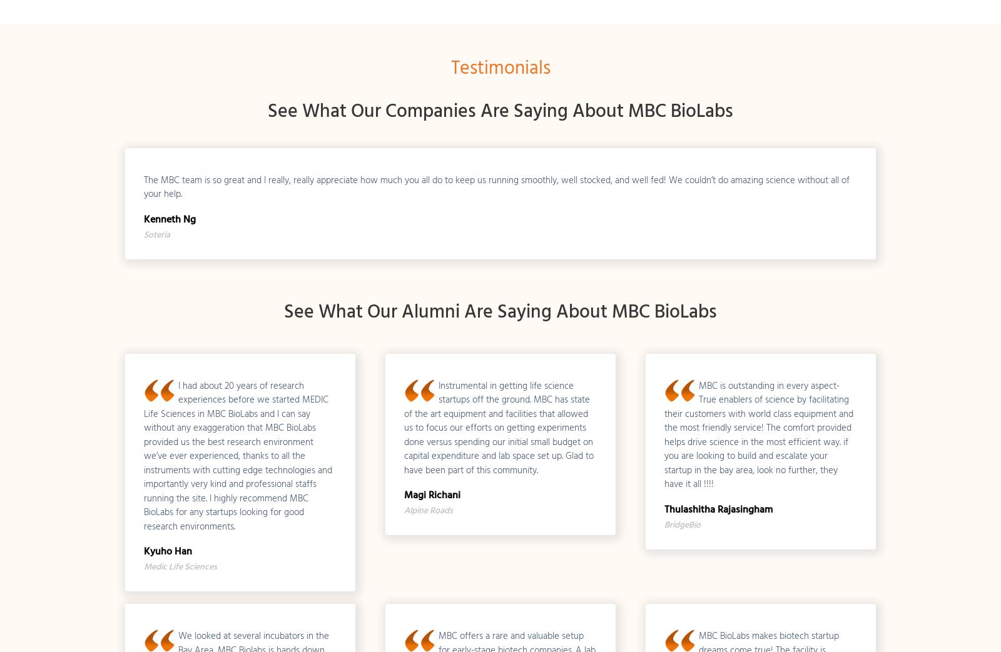  Describe the element at coordinates (283, 311) in the screenshot. I see `'See What Our Alumni Are Saying About MBC BioLabs'` at that location.